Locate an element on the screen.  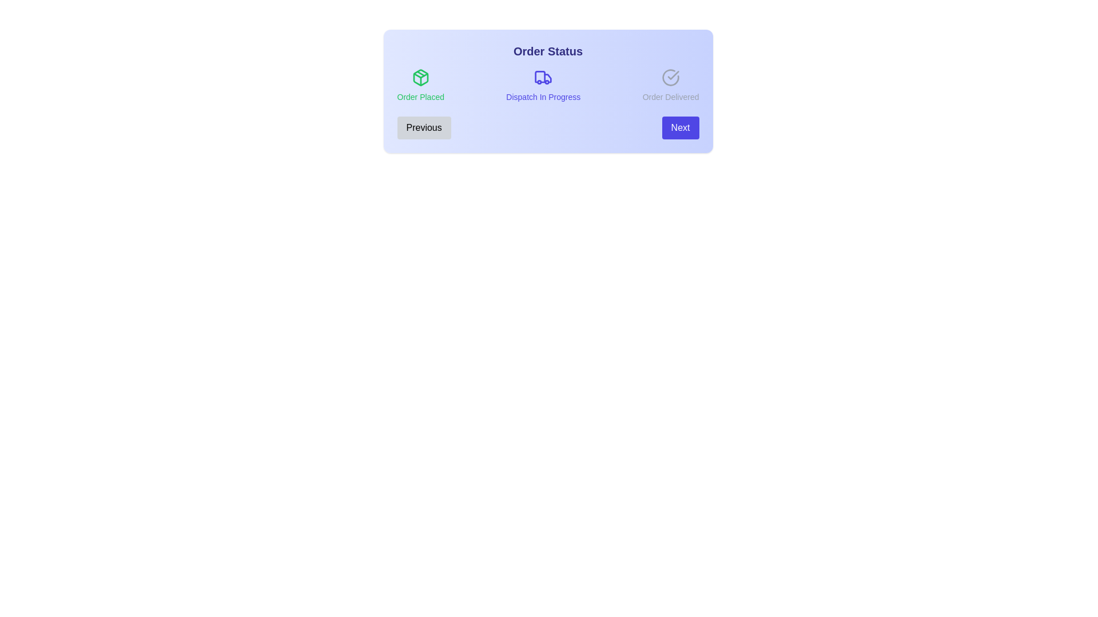
the SVG icon representing a package or box located under the text 'Order Placed' in the step indicator UI component is located at coordinates (420, 77).